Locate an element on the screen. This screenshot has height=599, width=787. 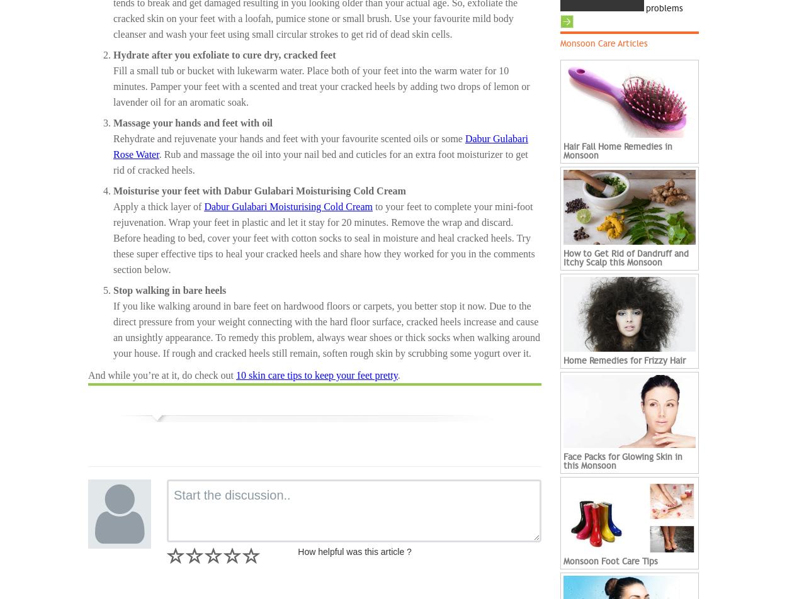
'Stop walking in bare heels' is located at coordinates (113, 289).